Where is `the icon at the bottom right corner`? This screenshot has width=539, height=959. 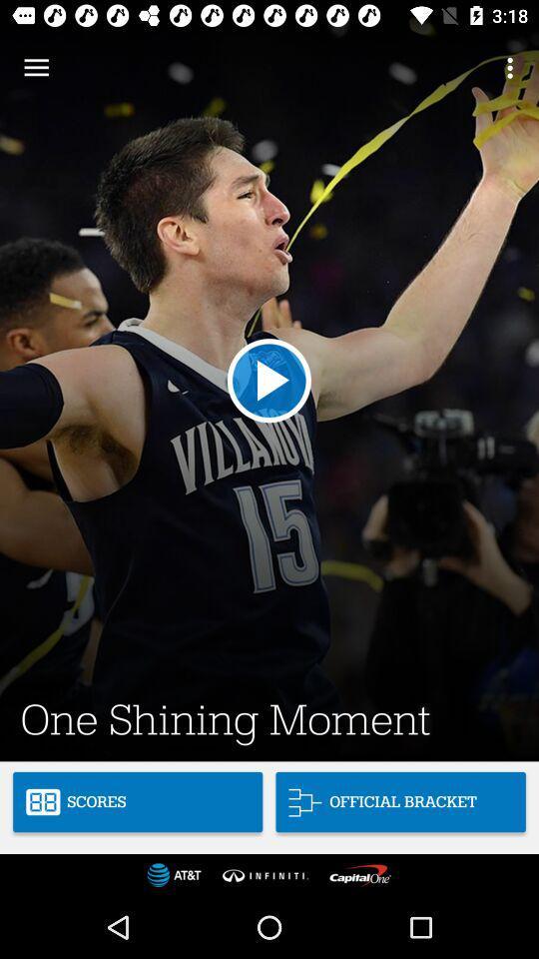
the icon at the bottom right corner is located at coordinates (400, 802).